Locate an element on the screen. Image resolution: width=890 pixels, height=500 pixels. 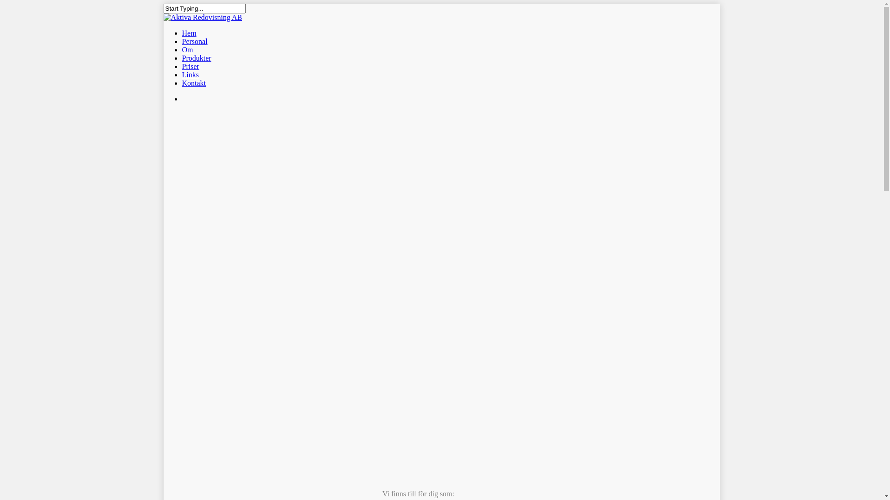
'Om' is located at coordinates (186, 50).